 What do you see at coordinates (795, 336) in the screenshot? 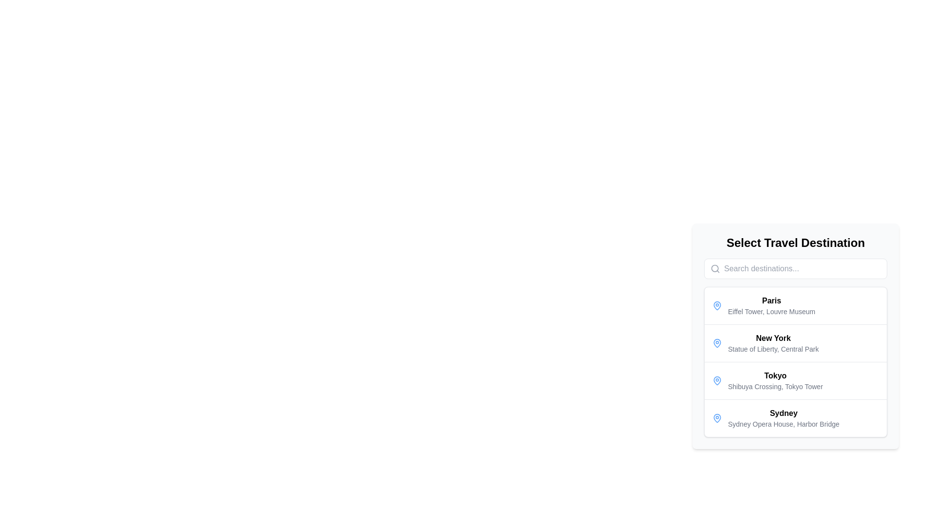
I see `the highlighted destination 'New York' in the dropdown menu` at bounding box center [795, 336].